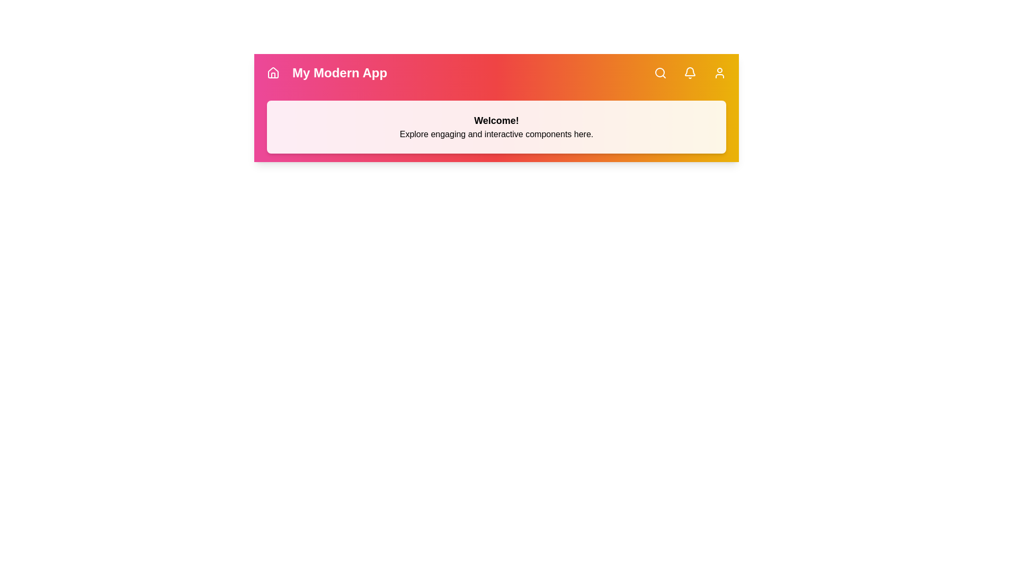 The image size is (1017, 572). What do you see at coordinates (273, 73) in the screenshot?
I see `the Home button in the app bar` at bounding box center [273, 73].